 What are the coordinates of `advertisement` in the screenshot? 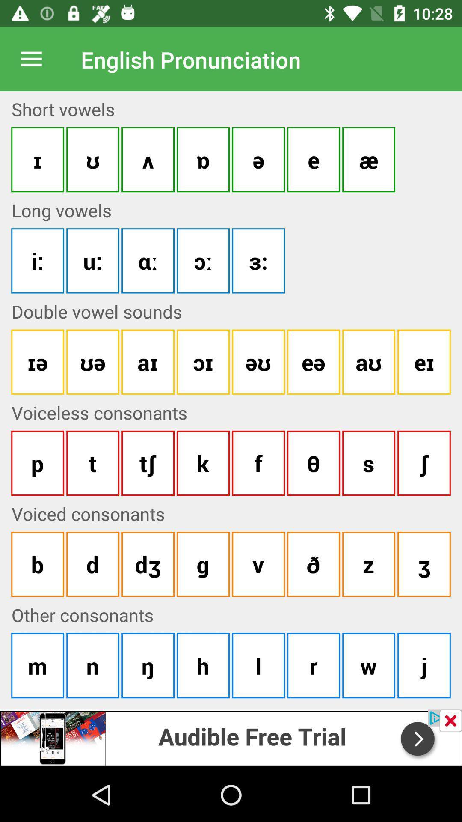 It's located at (231, 737).